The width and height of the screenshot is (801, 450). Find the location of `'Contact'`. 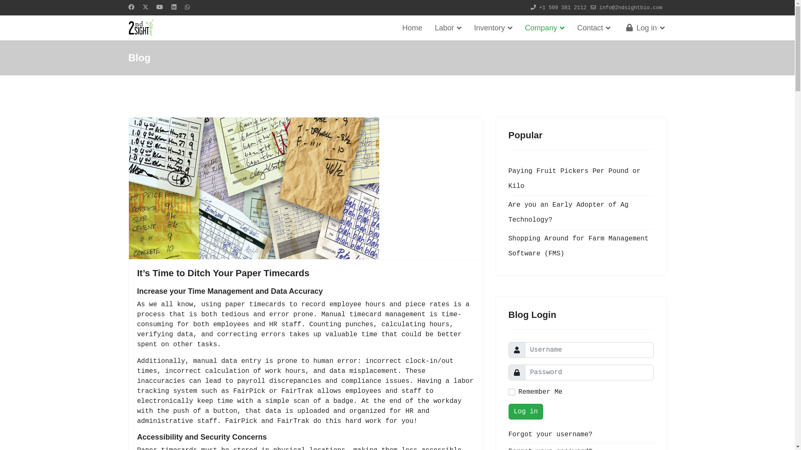

'Contact' is located at coordinates (593, 27).